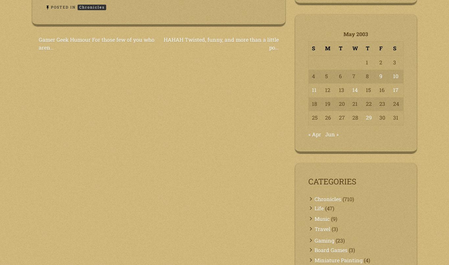  I want to click on '« Apr', so click(315, 134).